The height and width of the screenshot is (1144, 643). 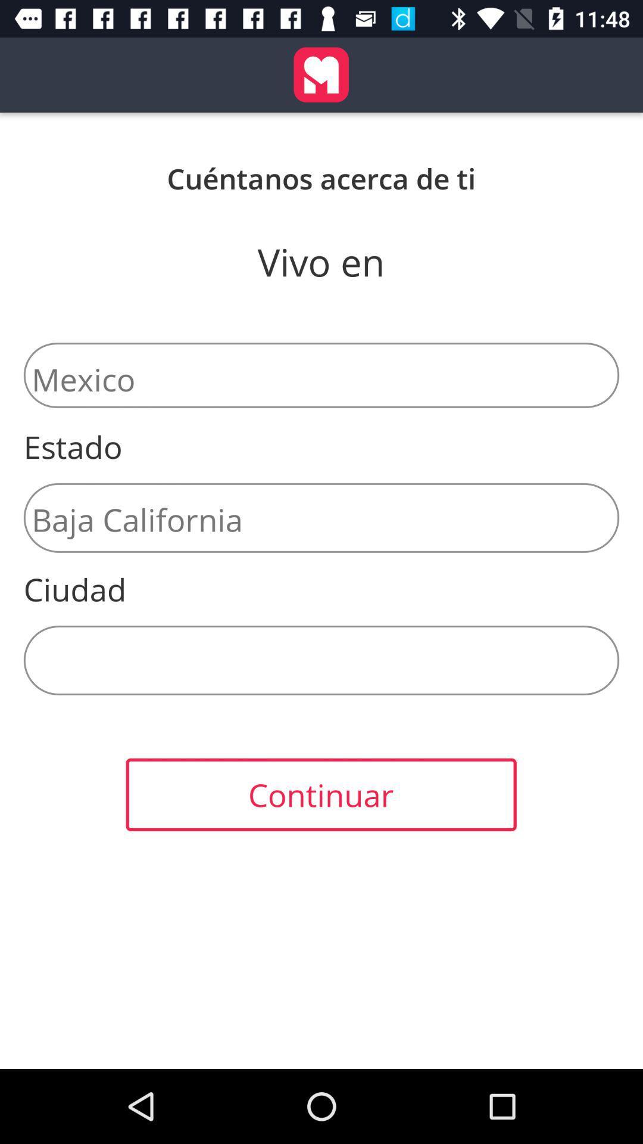 I want to click on the mexico icon, so click(x=321, y=374).